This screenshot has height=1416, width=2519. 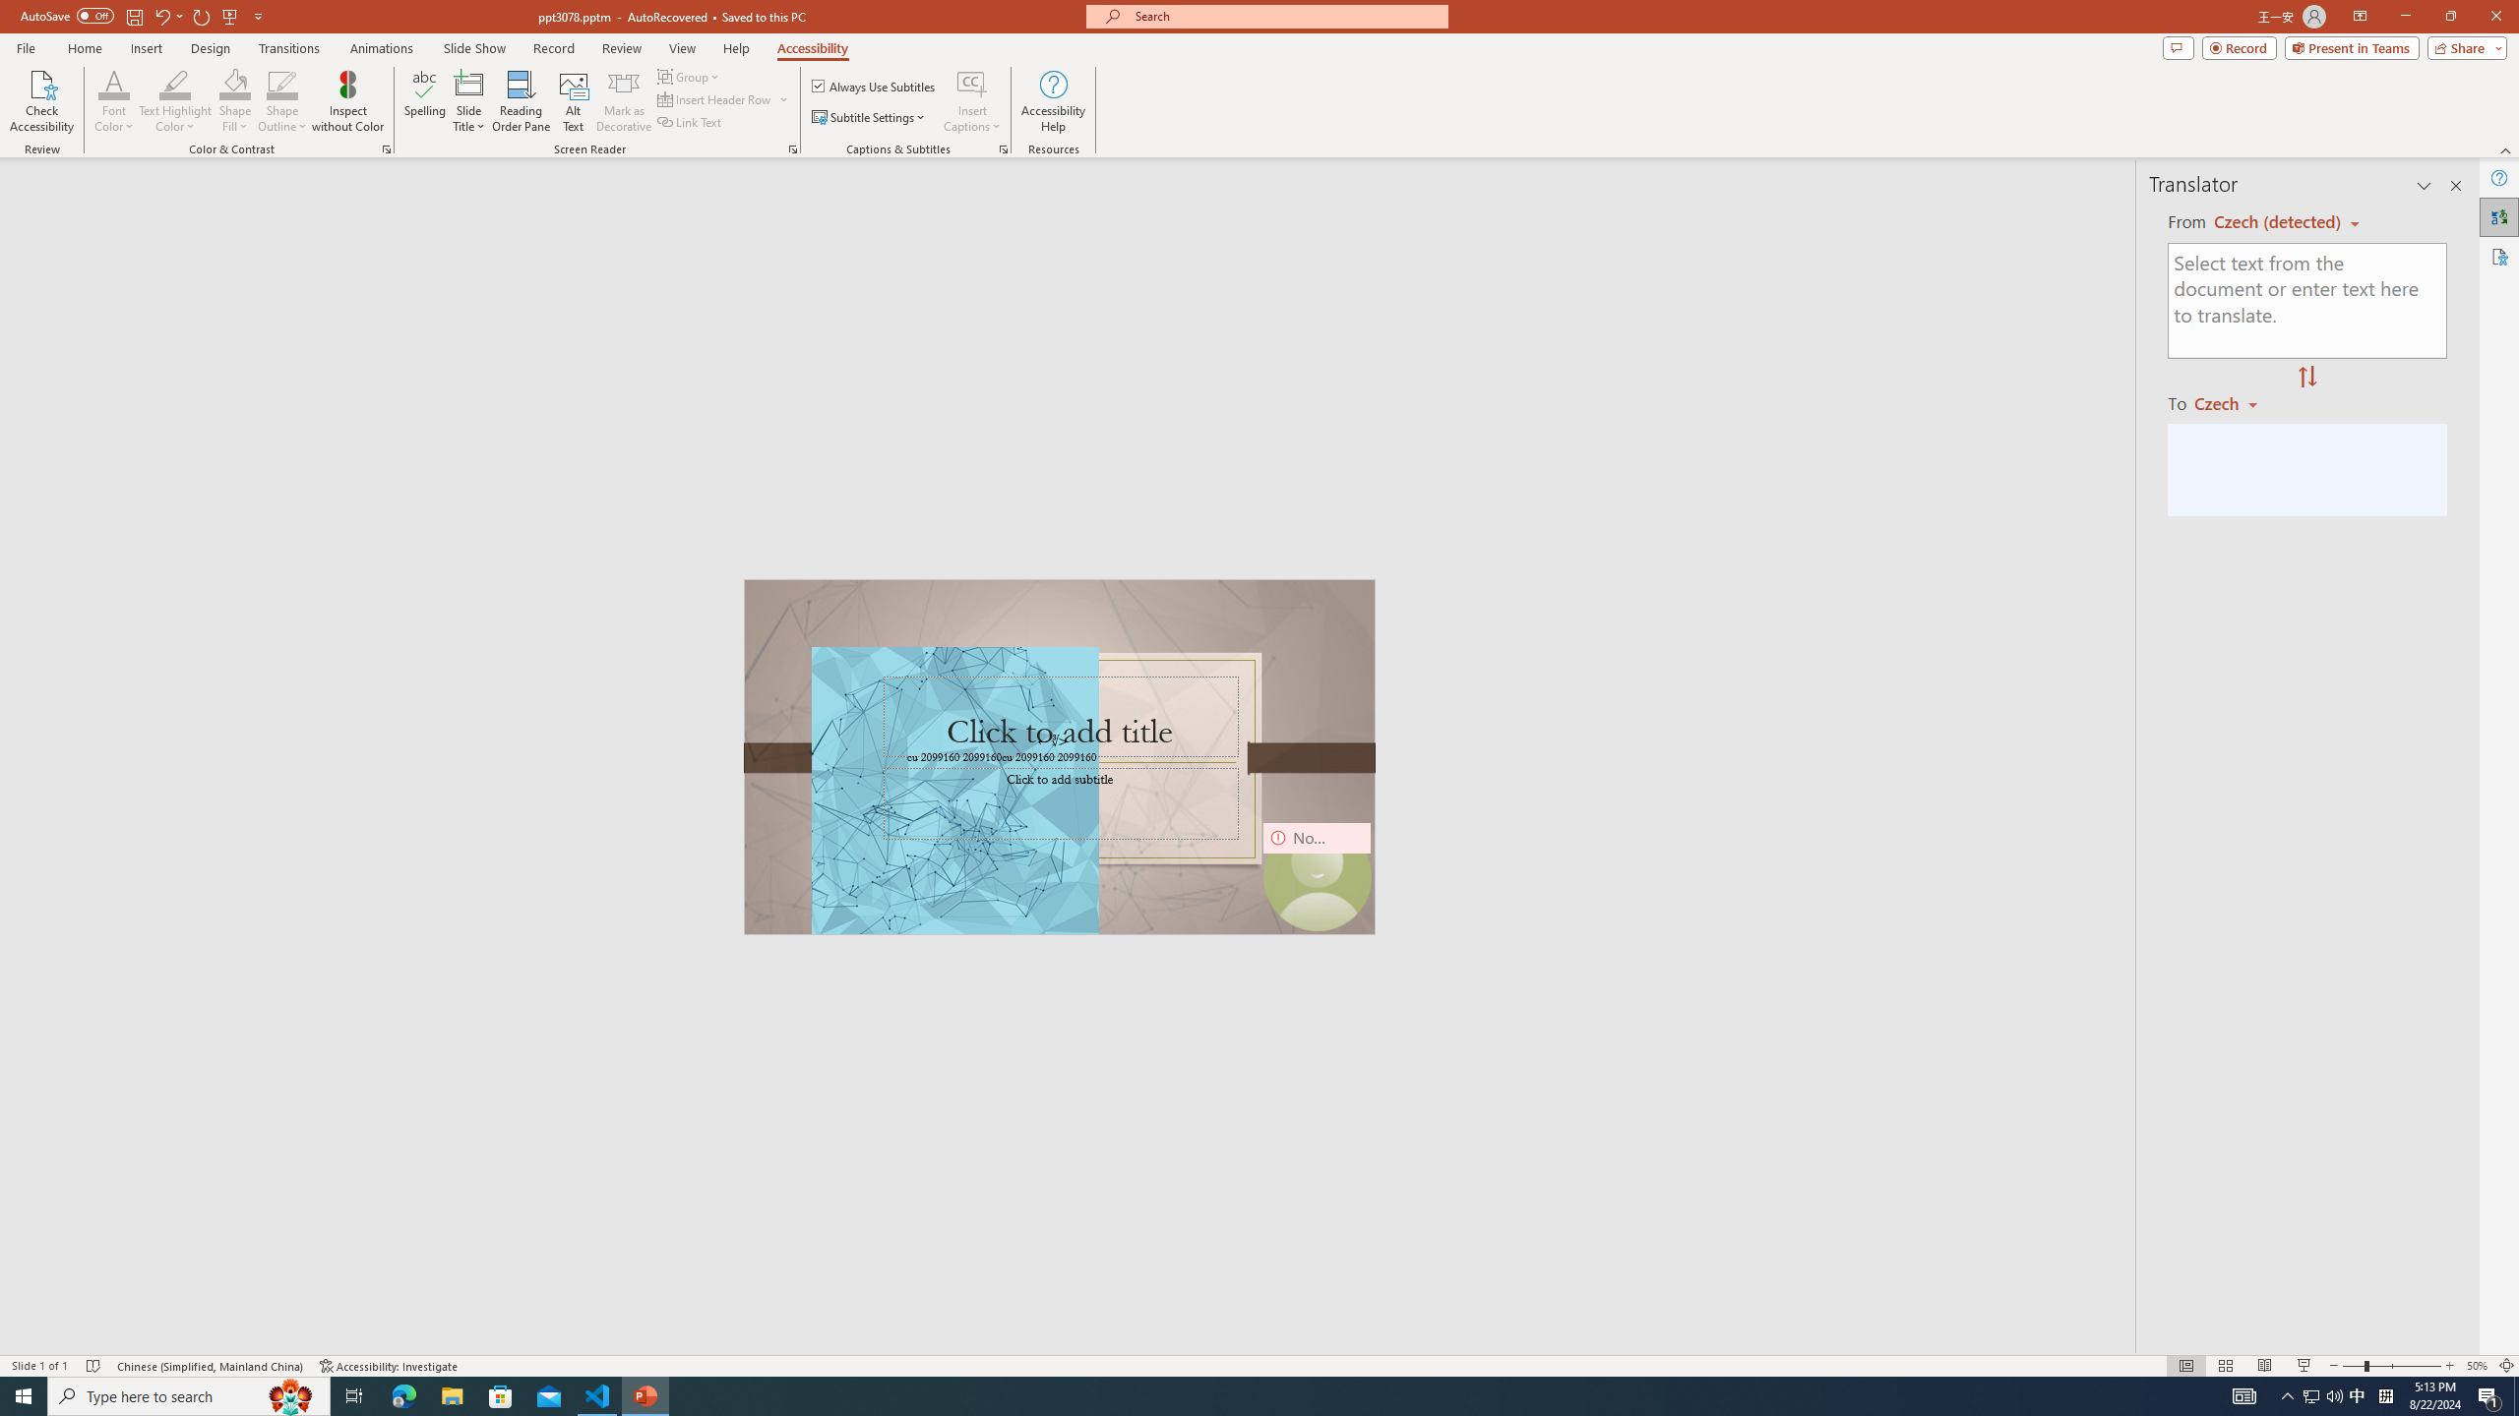 What do you see at coordinates (1316, 876) in the screenshot?
I see `'Camera 9, No camera detected.'` at bounding box center [1316, 876].